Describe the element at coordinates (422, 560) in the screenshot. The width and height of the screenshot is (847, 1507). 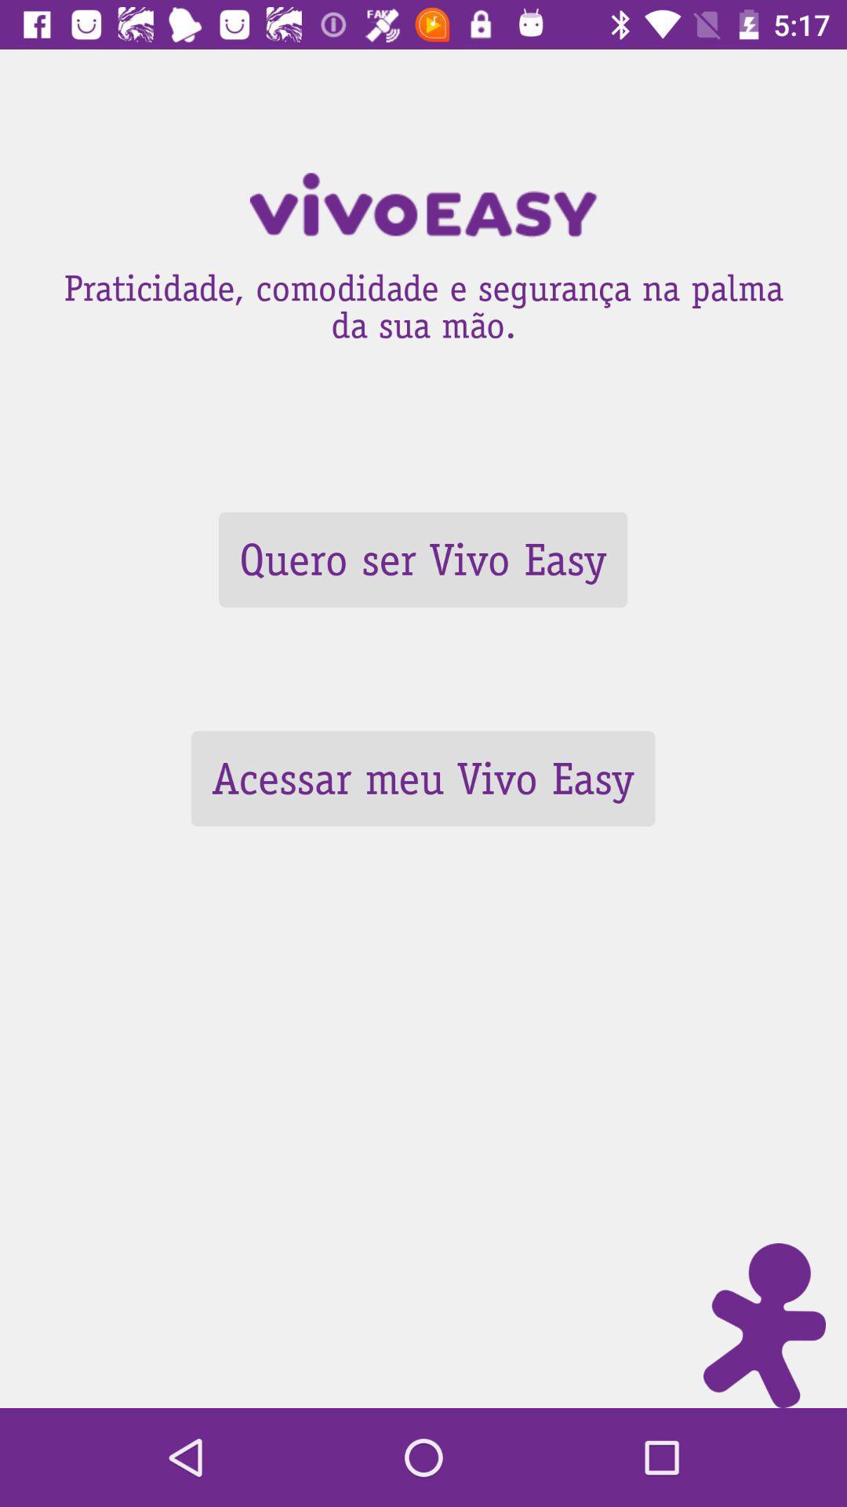
I see `the quero ser vivo item` at that location.